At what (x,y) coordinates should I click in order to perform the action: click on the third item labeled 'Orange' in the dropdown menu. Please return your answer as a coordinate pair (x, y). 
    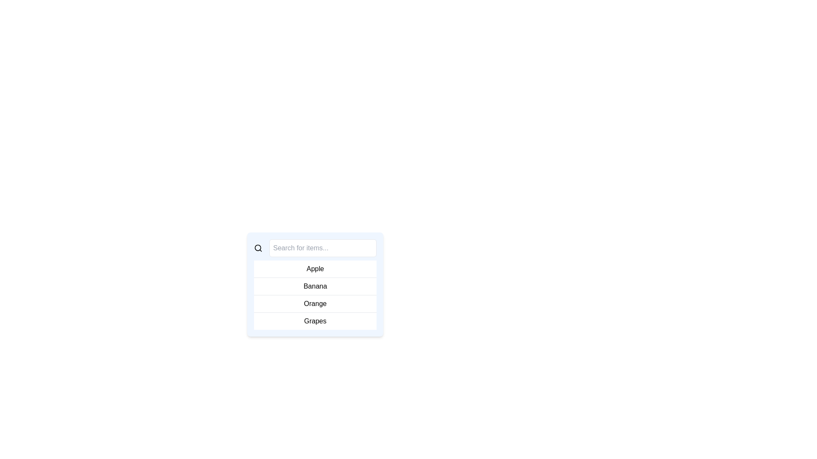
    Looking at the image, I should click on (314, 303).